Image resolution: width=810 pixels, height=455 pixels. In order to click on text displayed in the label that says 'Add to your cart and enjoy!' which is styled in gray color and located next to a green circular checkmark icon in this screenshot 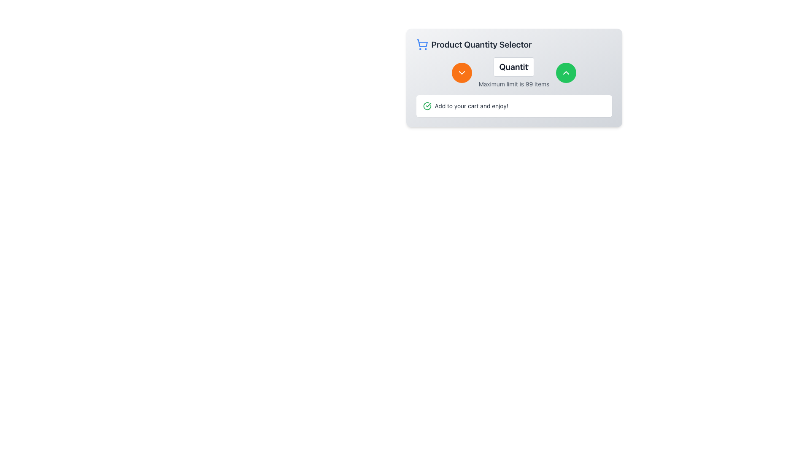, I will do `click(471, 105)`.